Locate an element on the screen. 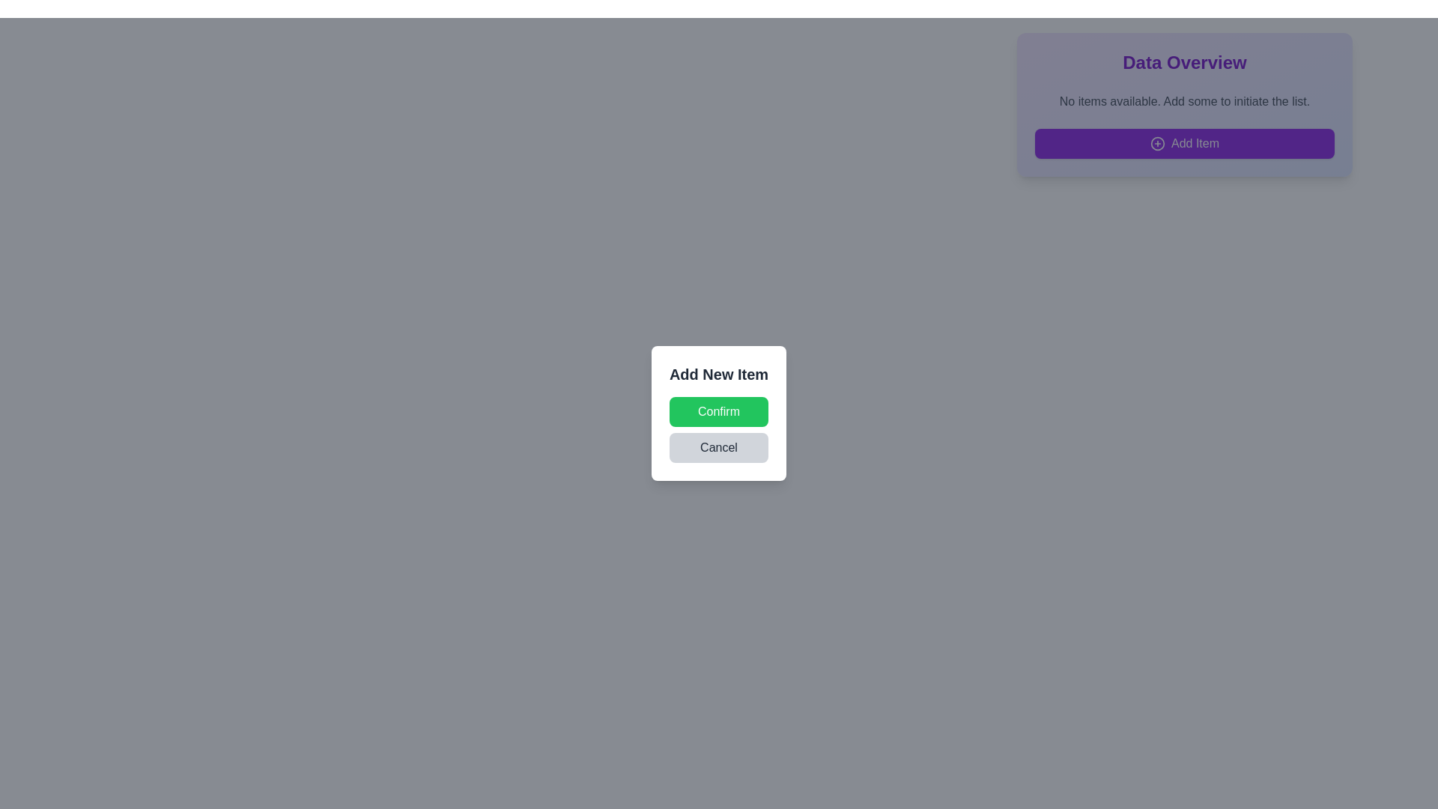  informative feedback text label indicating that the list is currently empty, positioned below the 'Data Overview' title and above the 'Add Item' button is located at coordinates (1184, 101).